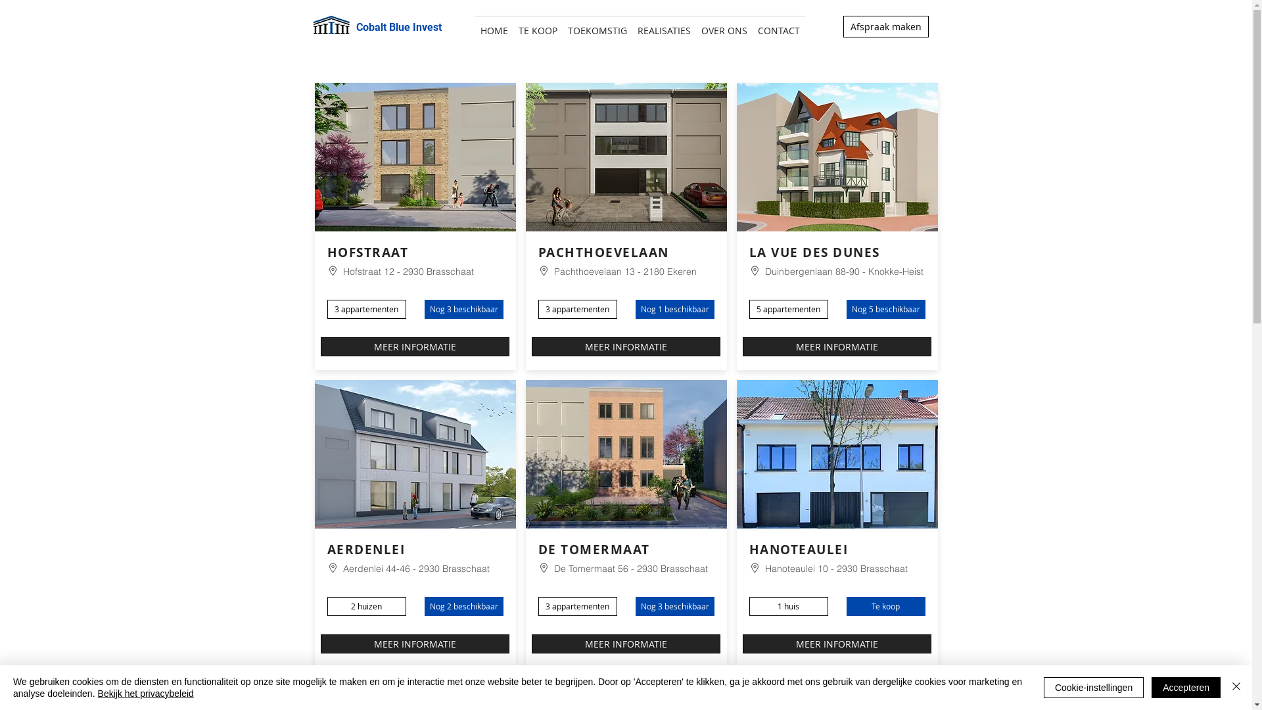  I want to click on 'HOME', so click(494, 24).